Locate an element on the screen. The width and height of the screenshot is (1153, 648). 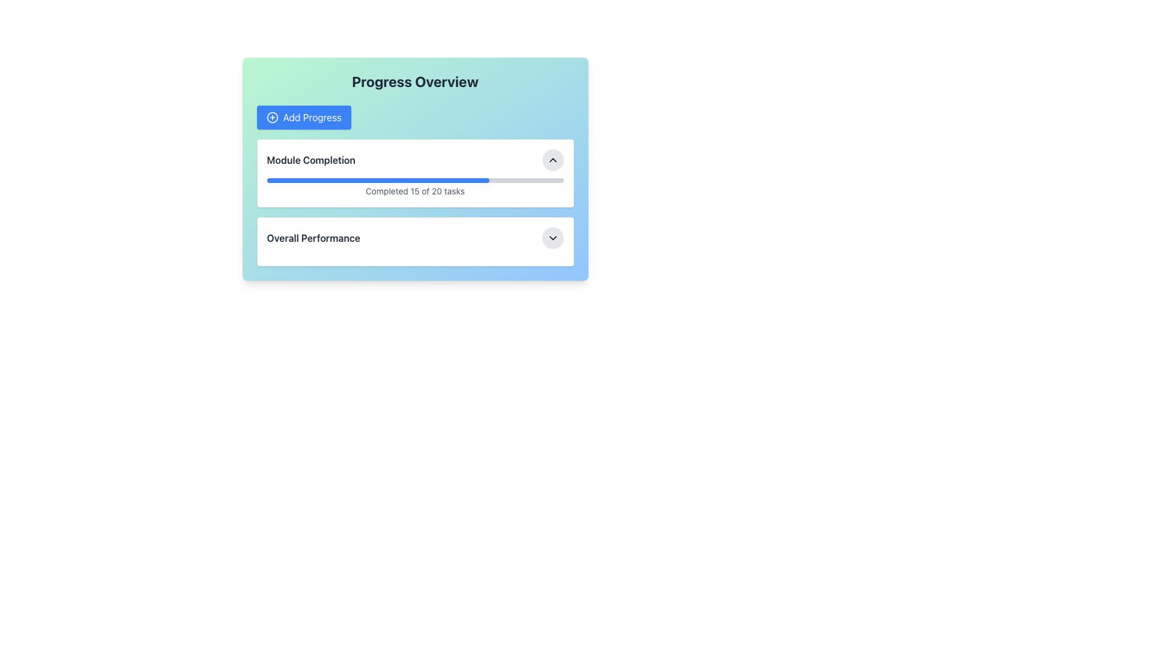
the text label displaying task completion status, which reads 'Completed 15 of 20 tasks', located below the progress bar in the 'Module Completion' section of the performance dashboard is located at coordinates (415, 191).